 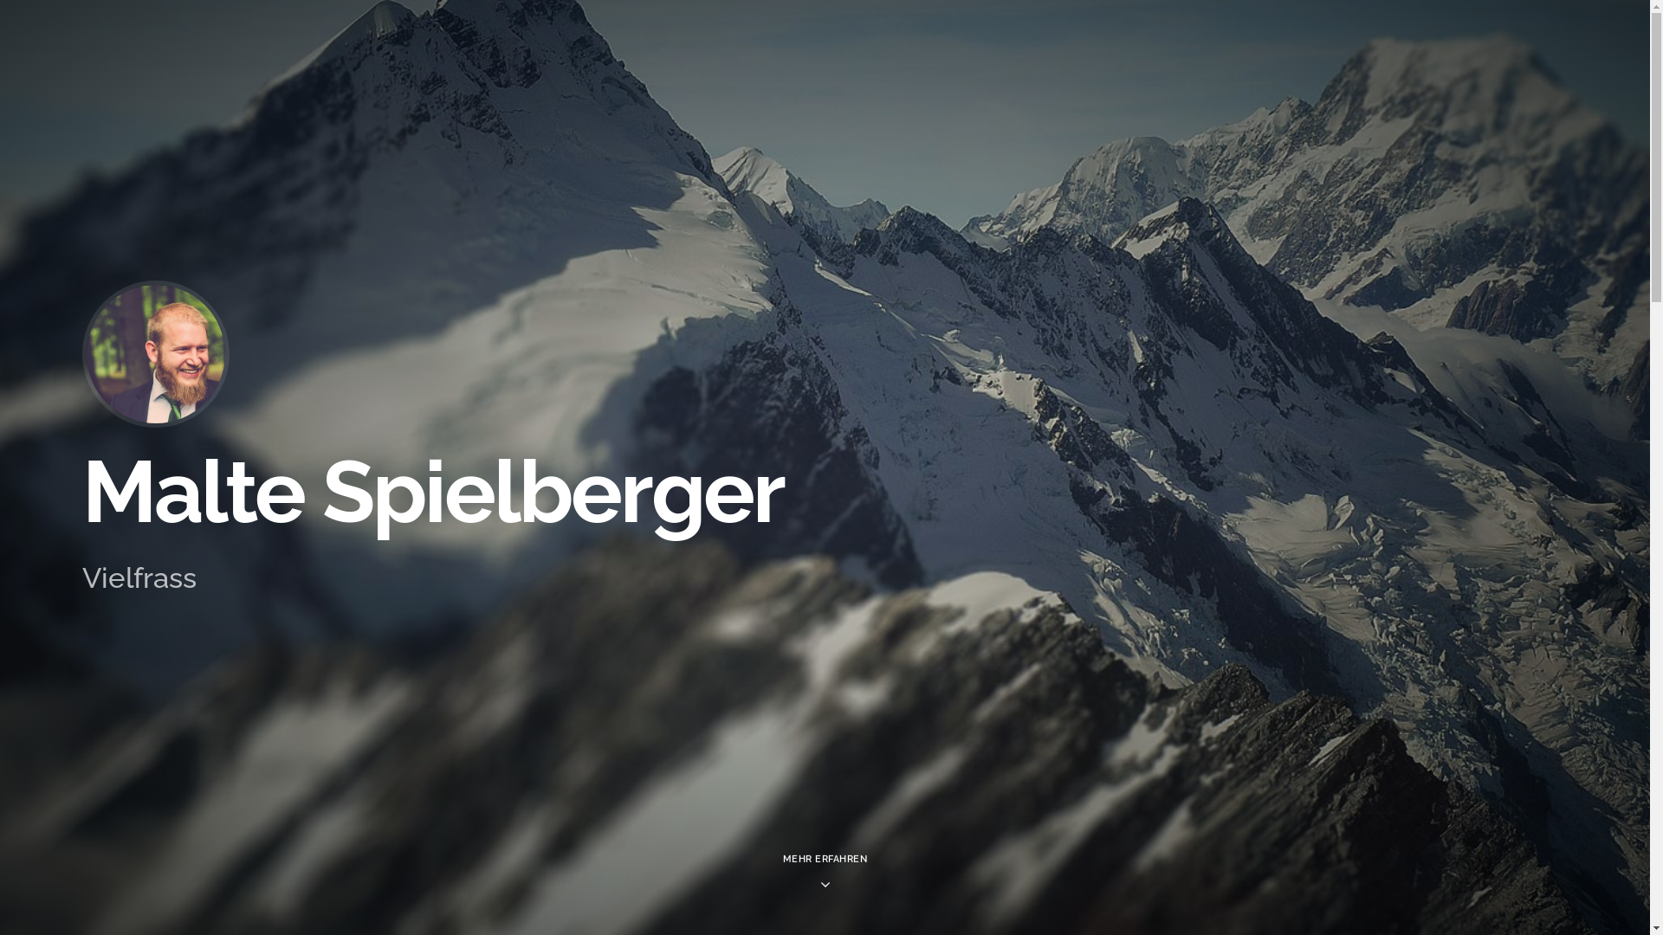 I want to click on 'MEHR ERFAHREN', so click(x=781, y=854).